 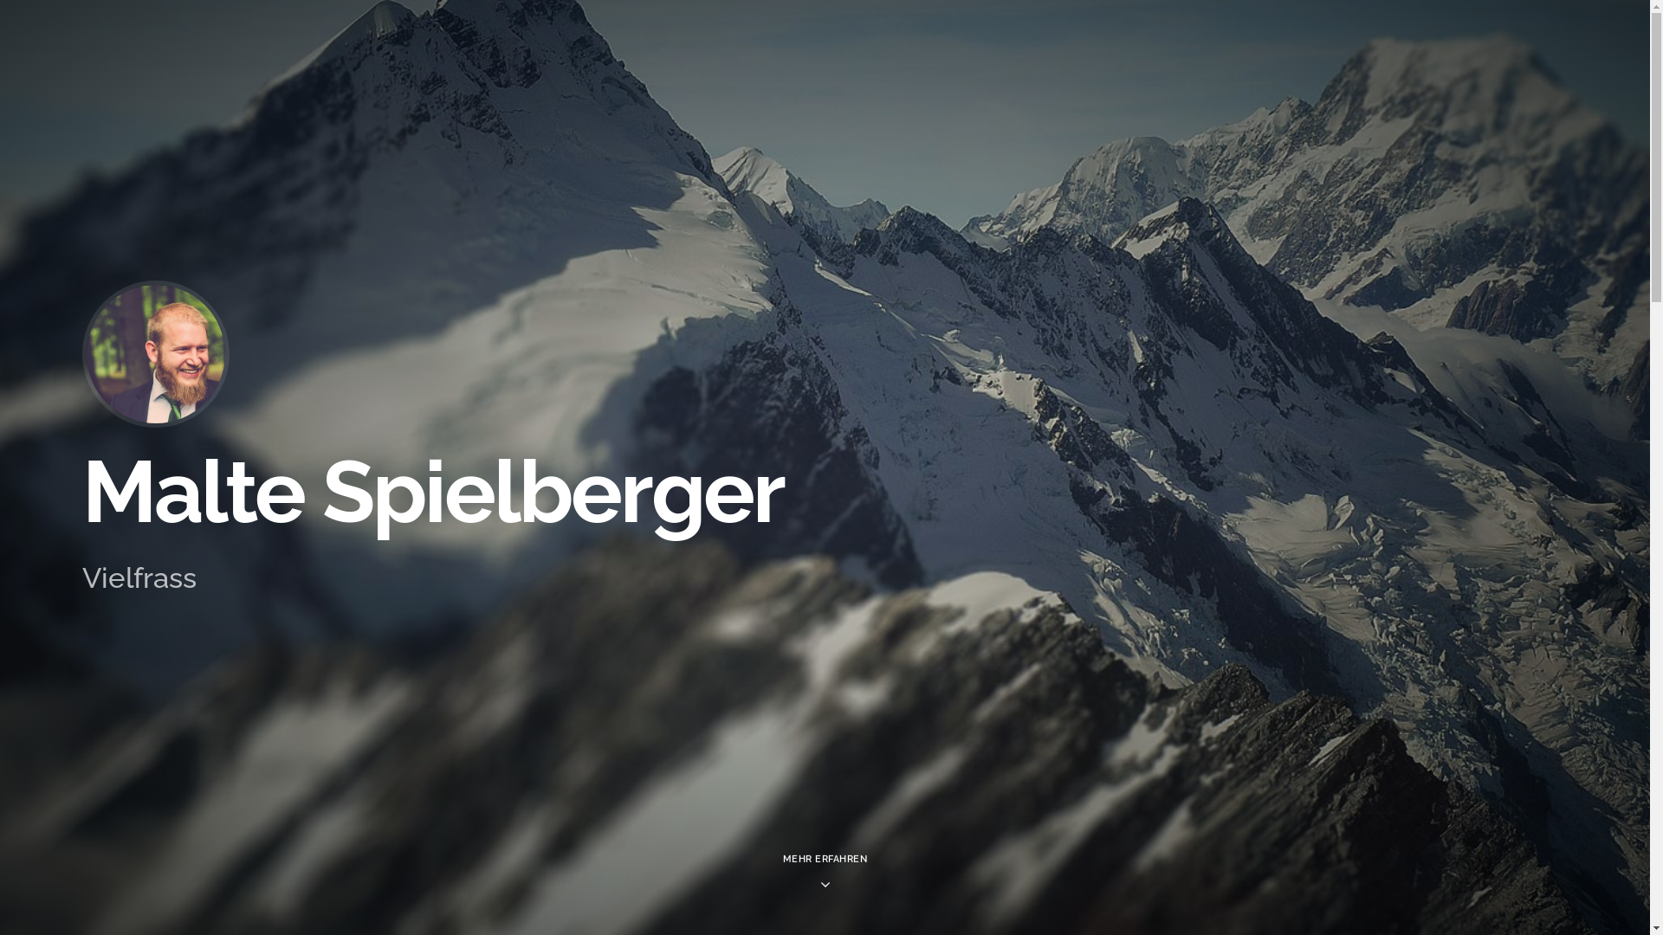 I want to click on 'MEHR ERFAHREN', so click(x=781, y=854).